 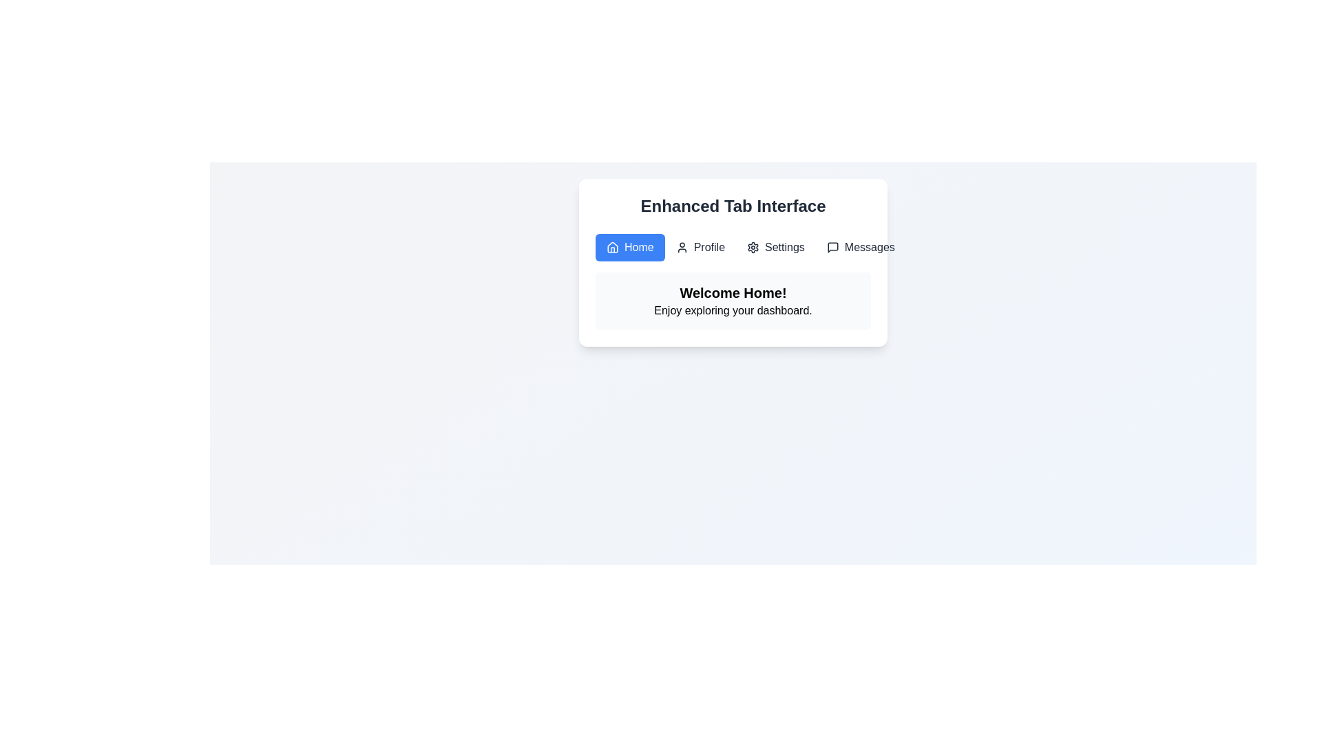 I want to click on the 'Settings' button, which is the third item in the horizontal navigation menu, so click(x=776, y=246).